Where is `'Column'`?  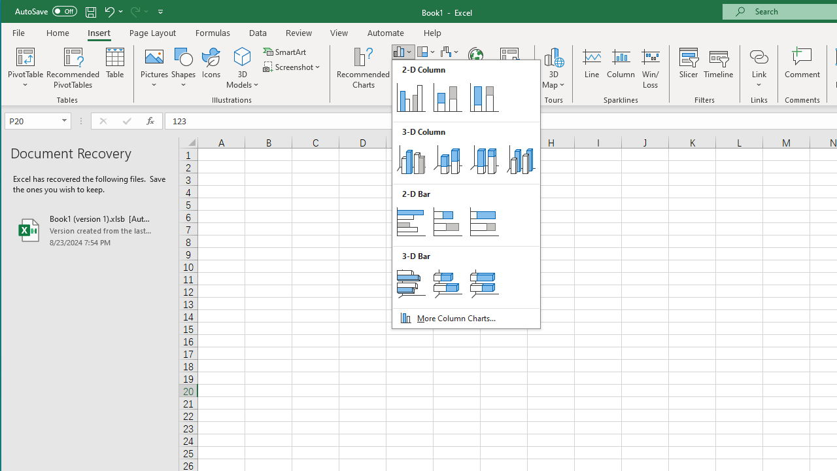 'Column' is located at coordinates (620, 68).